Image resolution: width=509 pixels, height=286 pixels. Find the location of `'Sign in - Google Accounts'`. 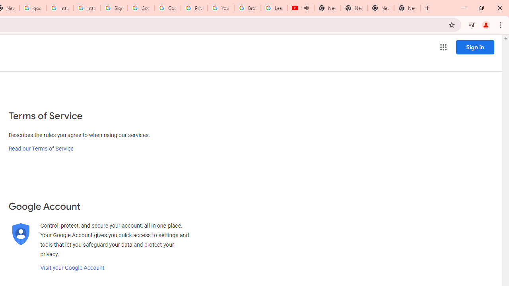

'Sign in - Google Accounts' is located at coordinates (114, 8).